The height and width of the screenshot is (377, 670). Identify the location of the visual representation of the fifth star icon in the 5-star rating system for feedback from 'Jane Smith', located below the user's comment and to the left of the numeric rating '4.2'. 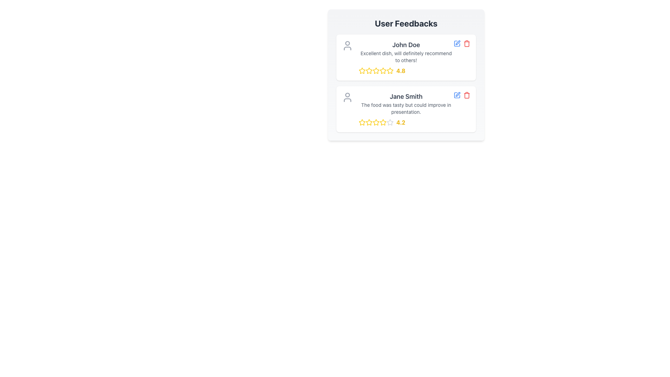
(383, 122).